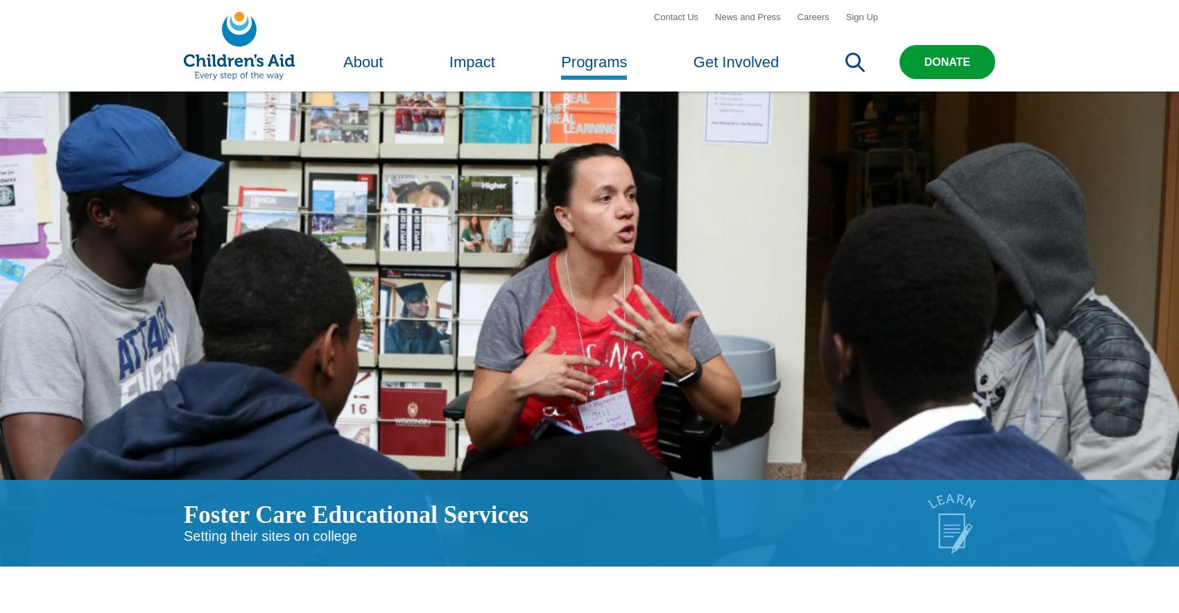 This screenshot has height=613, width=1179. Describe the element at coordinates (747, 26) in the screenshot. I see `'News and Press'` at that location.